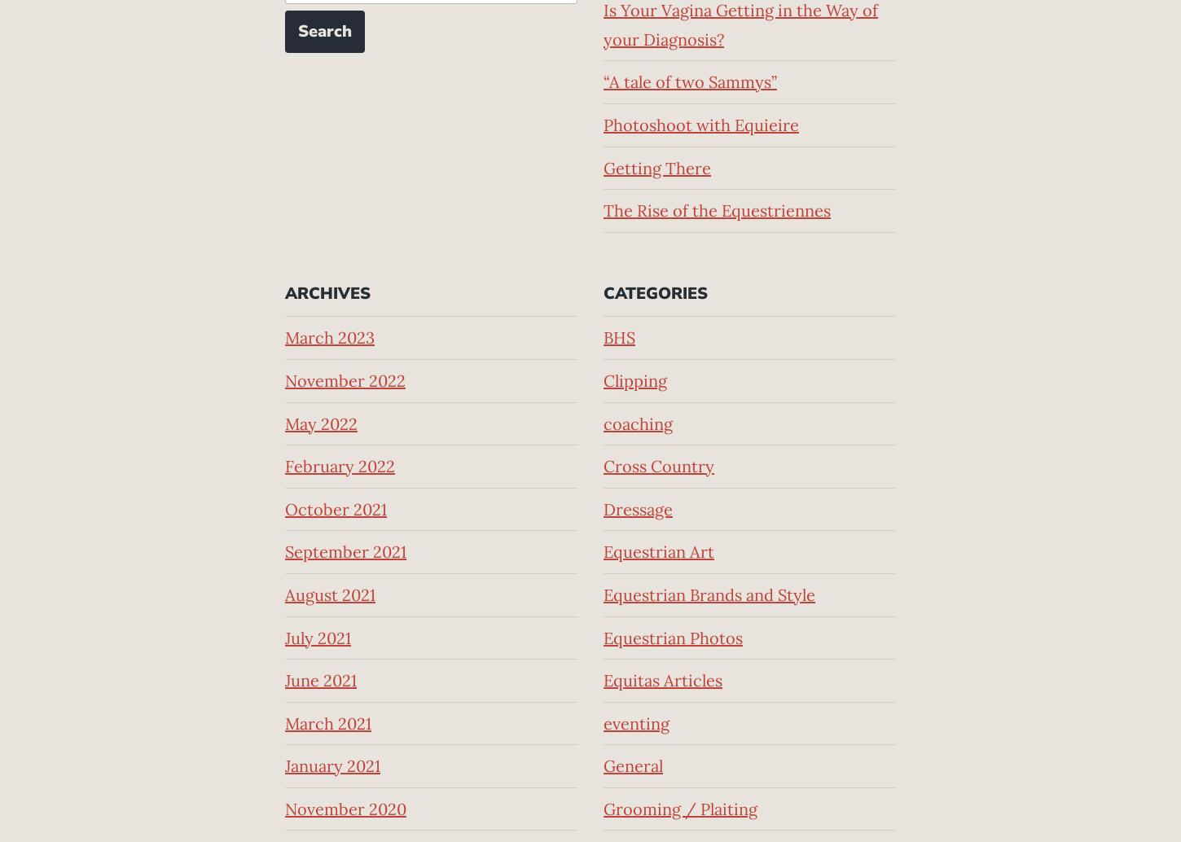 The height and width of the screenshot is (842, 1181). I want to click on 'Equestrian Art', so click(603, 551).